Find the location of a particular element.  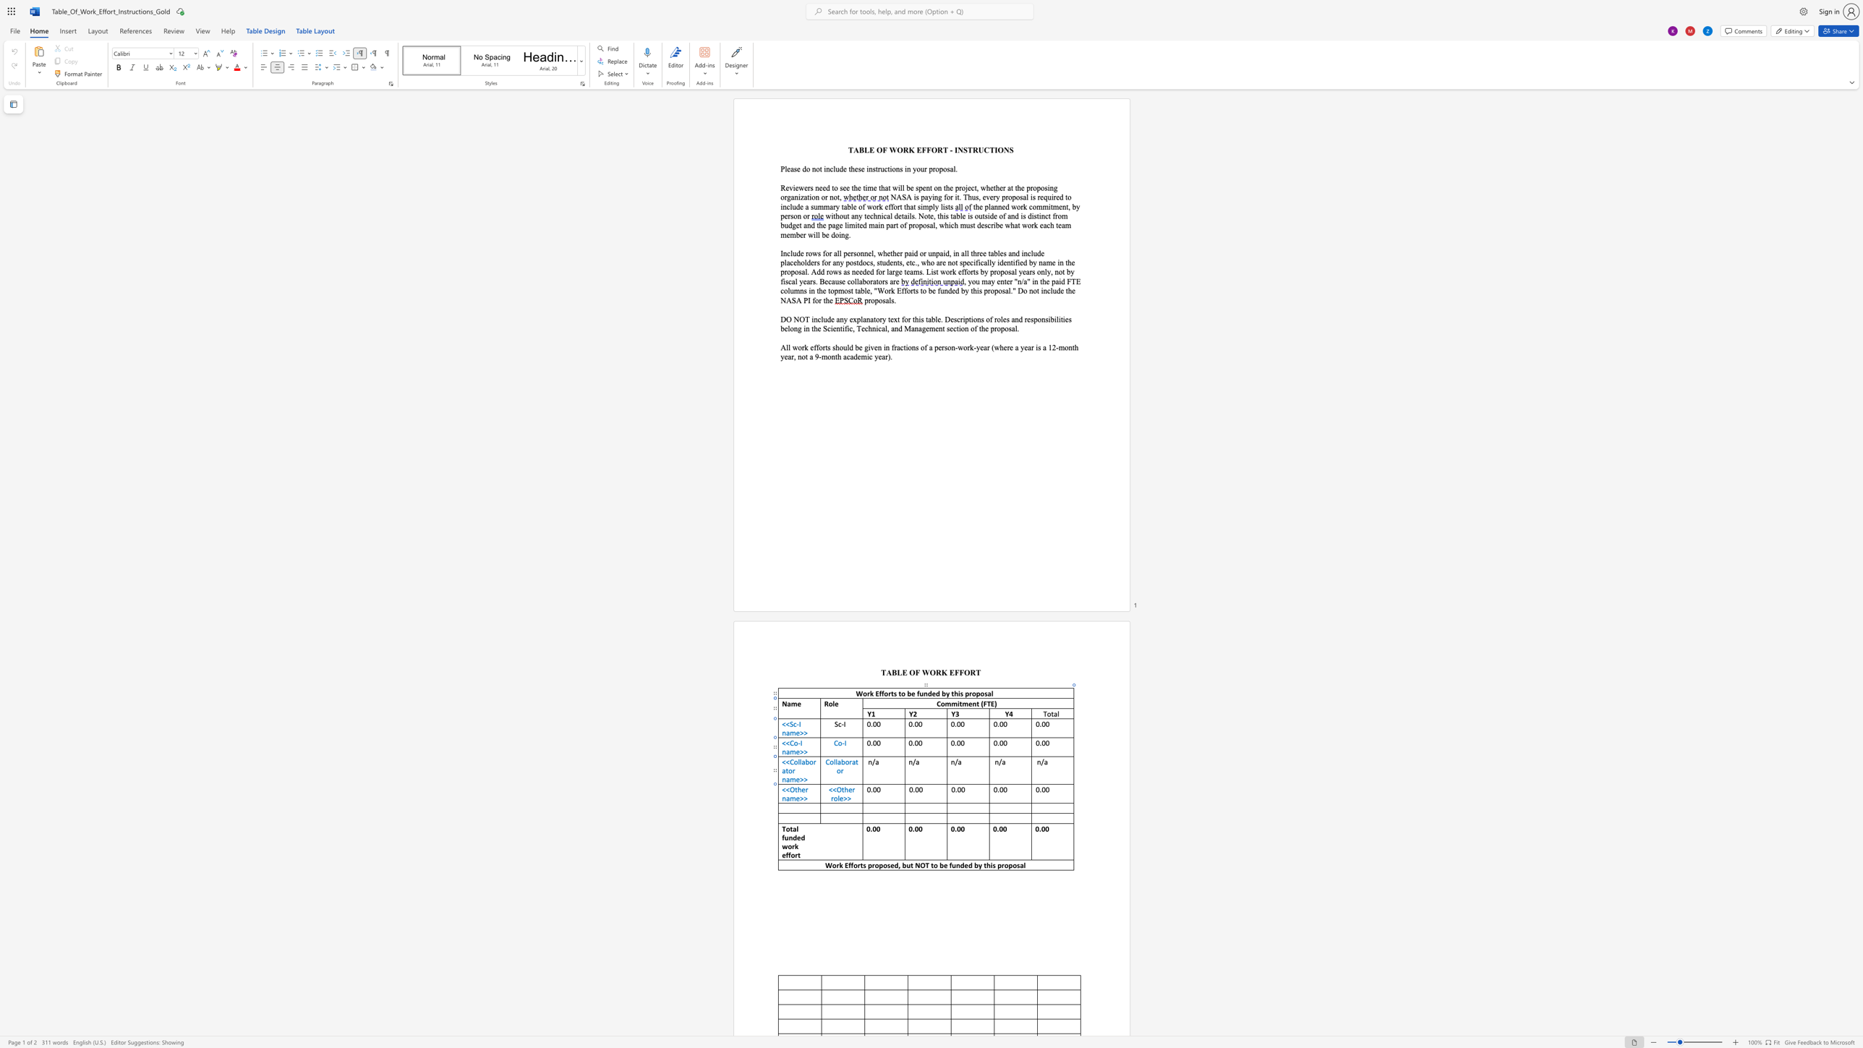

the 1th character "l" in the text is located at coordinates (838, 798).